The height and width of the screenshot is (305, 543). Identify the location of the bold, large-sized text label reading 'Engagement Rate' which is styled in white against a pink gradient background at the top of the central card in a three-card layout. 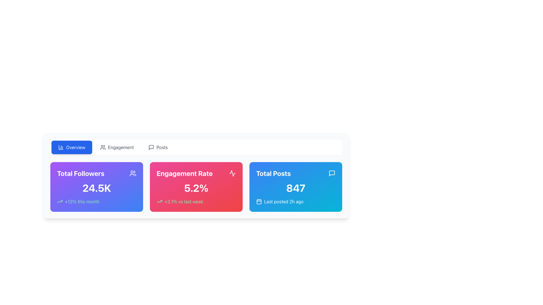
(184, 173).